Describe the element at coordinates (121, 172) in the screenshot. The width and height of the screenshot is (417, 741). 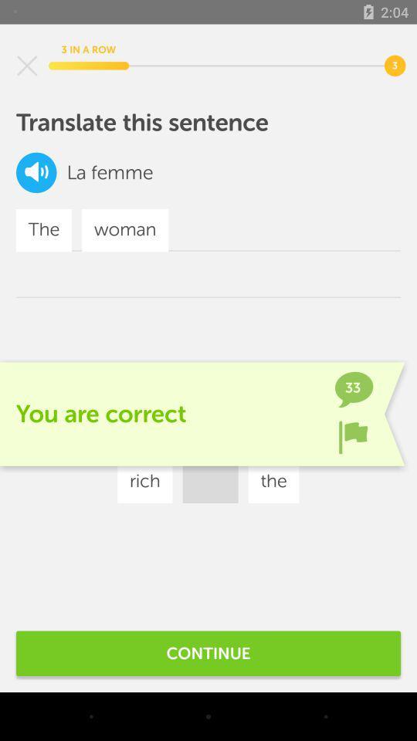
I see `icon next to the   icon` at that location.